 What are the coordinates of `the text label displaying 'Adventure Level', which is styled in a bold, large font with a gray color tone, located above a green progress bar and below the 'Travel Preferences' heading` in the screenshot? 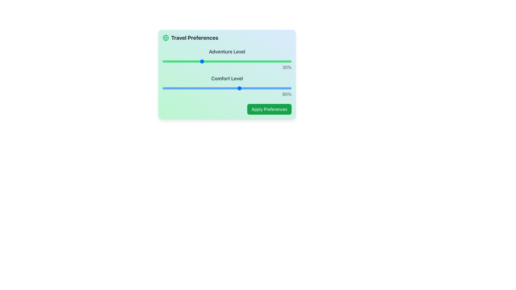 It's located at (227, 52).